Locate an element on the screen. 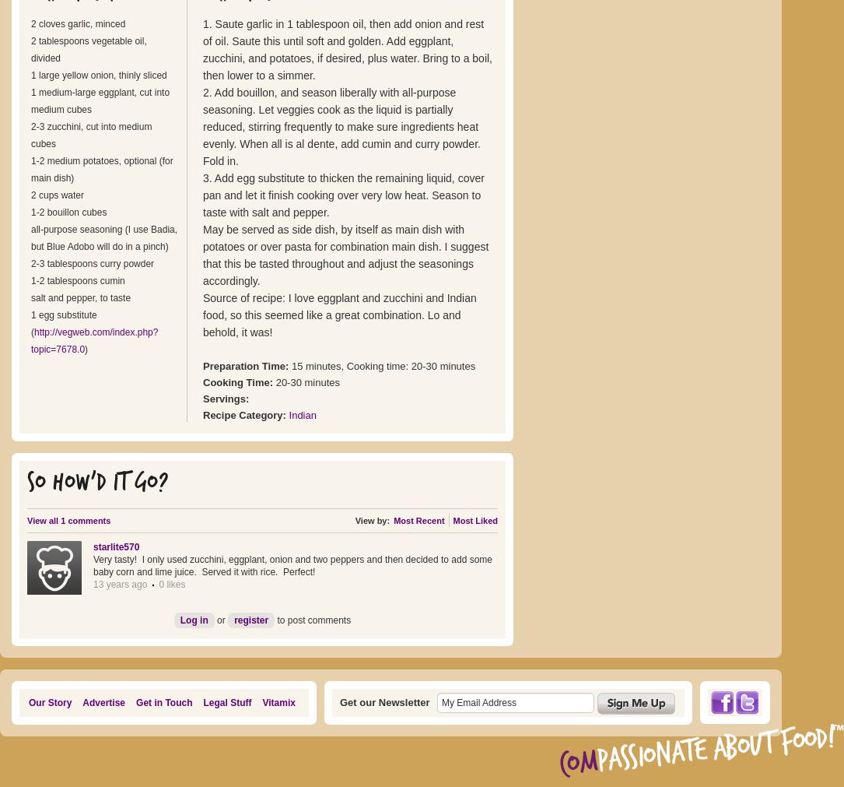 This screenshot has width=844, height=787. 'Log in' is located at coordinates (179, 619).